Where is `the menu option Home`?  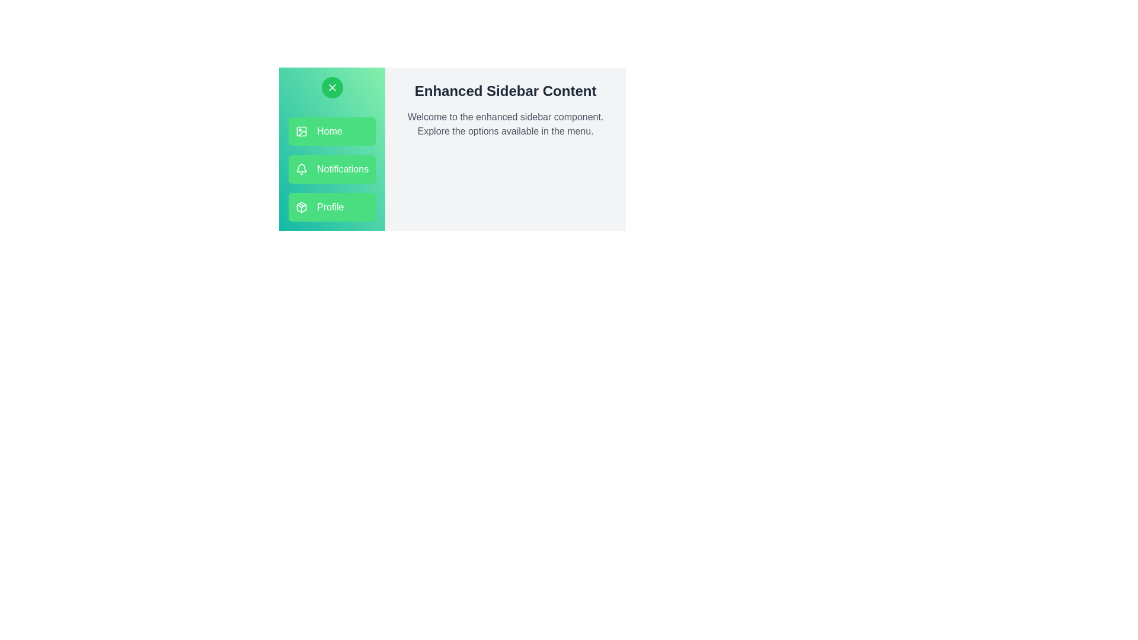 the menu option Home is located at coordinates (332, 132).